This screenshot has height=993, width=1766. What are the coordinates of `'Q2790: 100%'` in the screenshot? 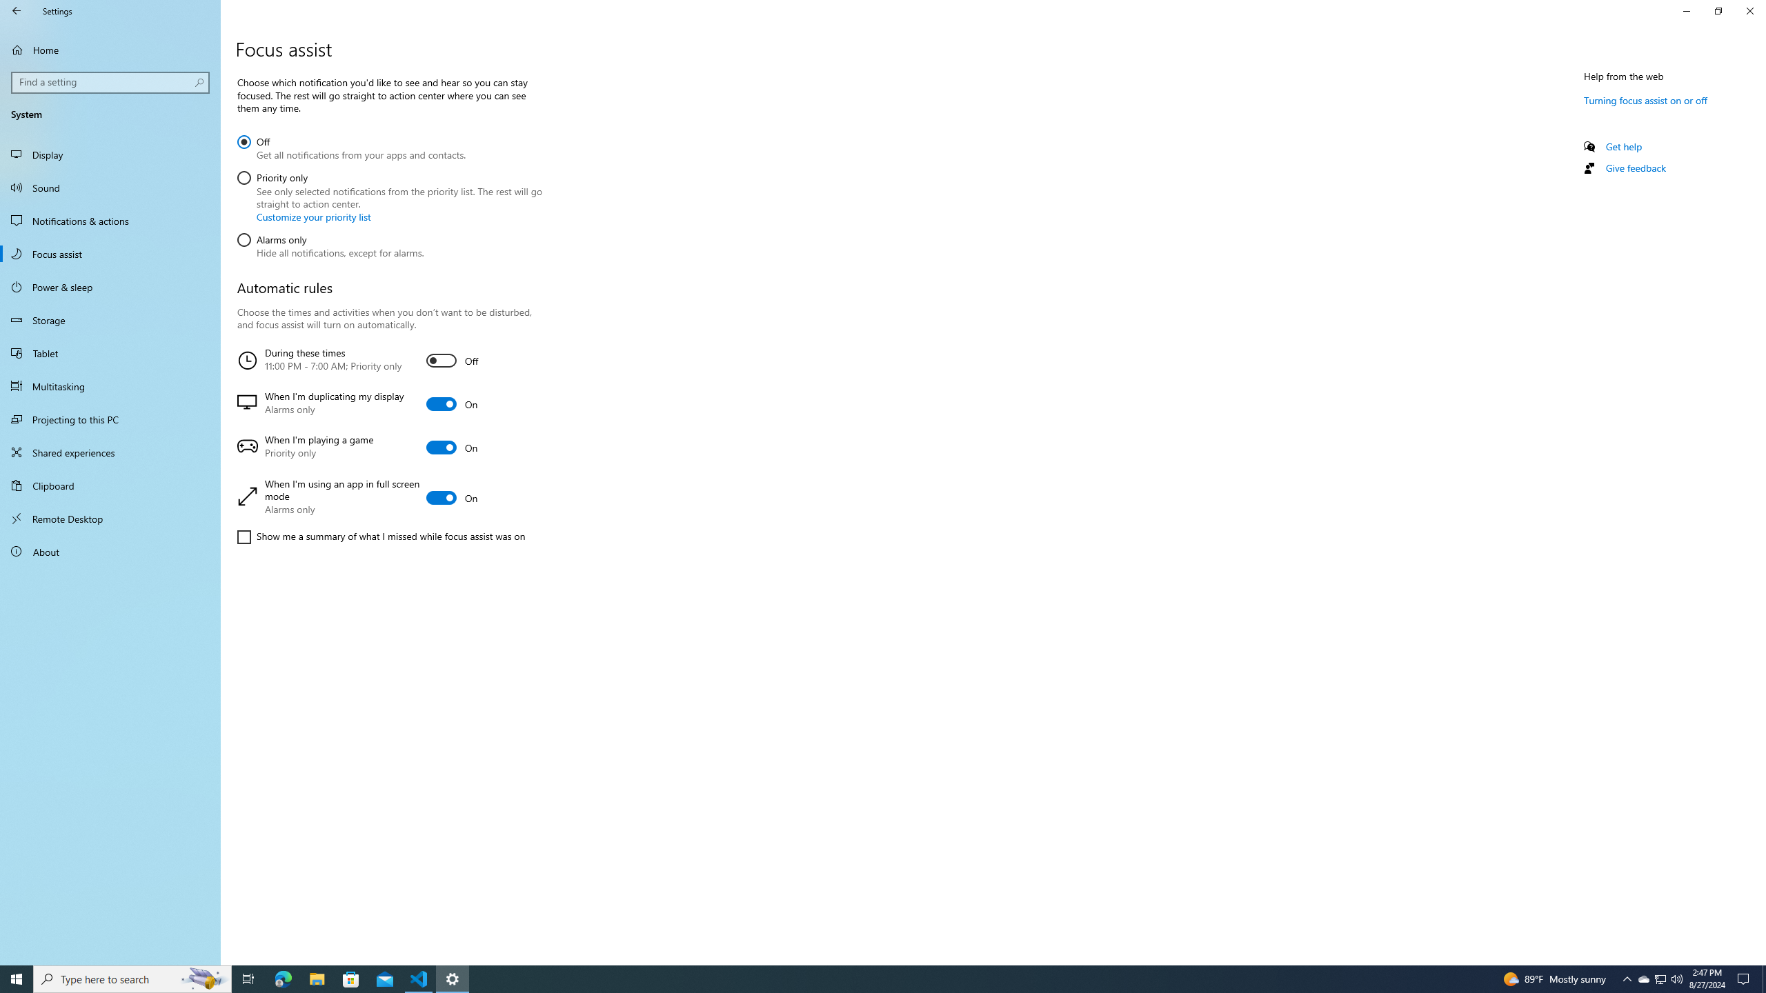 It's located at (1676, 978).